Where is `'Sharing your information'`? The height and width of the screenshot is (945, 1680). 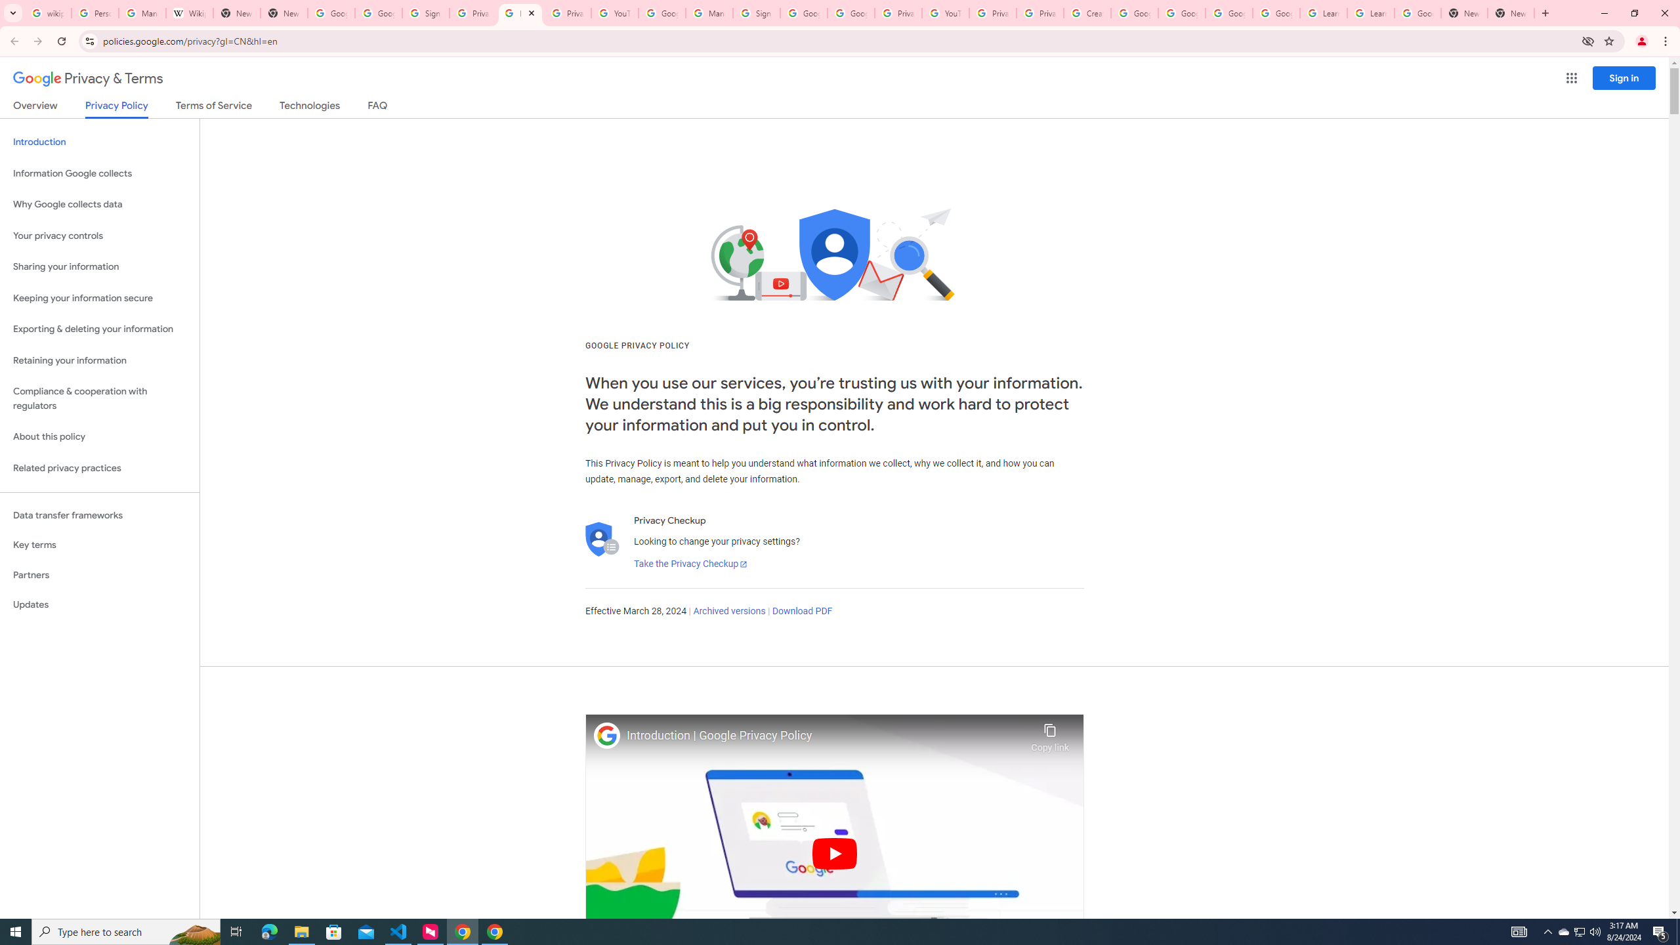
'Sharing your information' is located at coordinates (99, 266).